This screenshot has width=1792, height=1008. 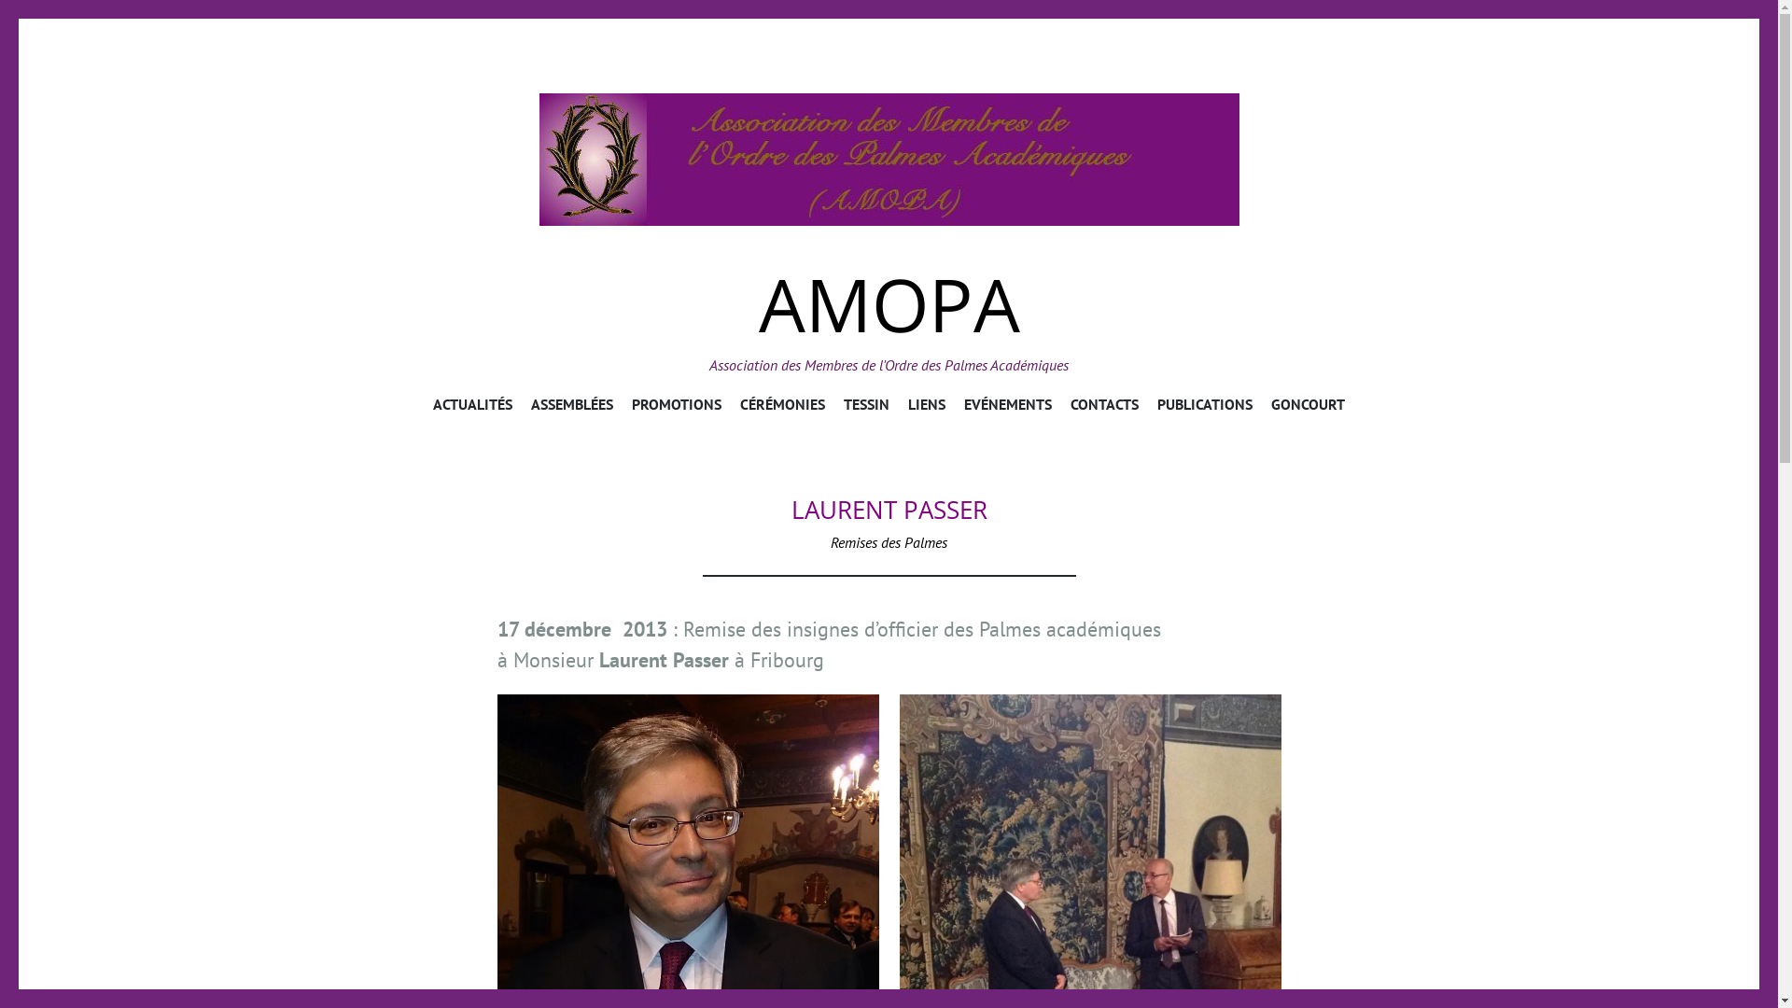 What do you see at coordinates (865, 406) in the screenshot?
I see `'TESSIN'` at bounding box center [865, 406].